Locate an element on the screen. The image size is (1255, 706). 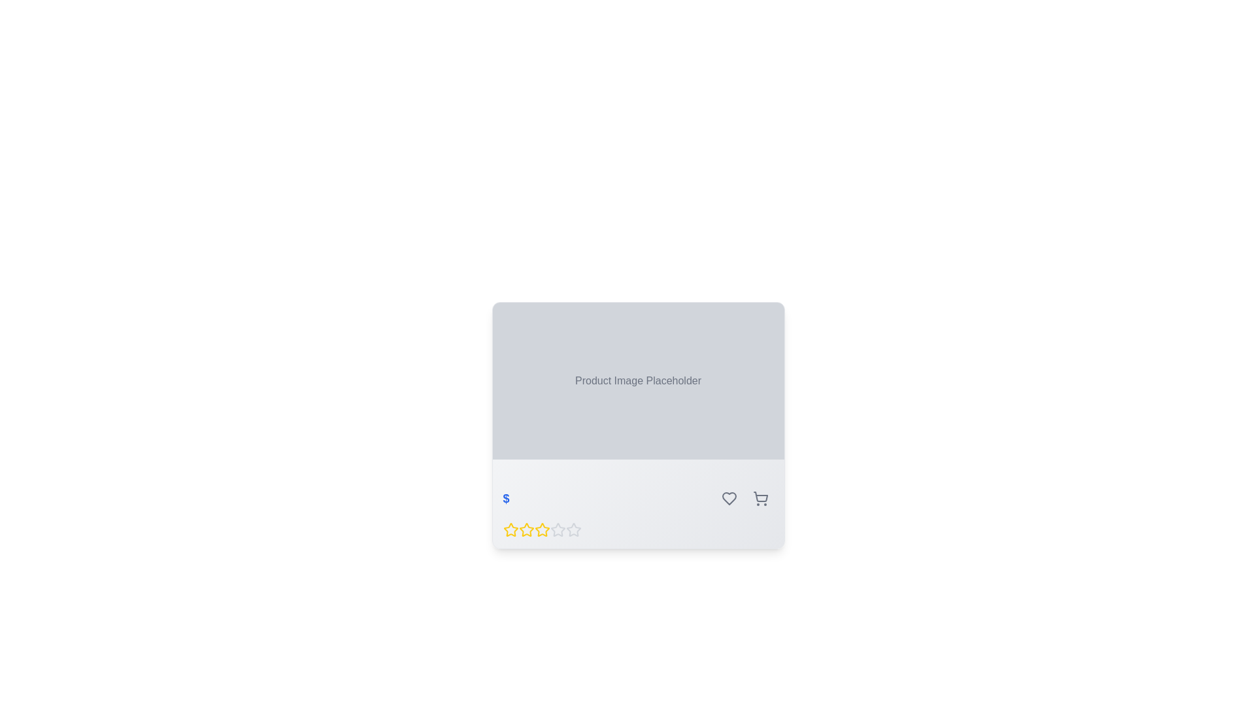
the fourth star is located at coordinates (558, 529).